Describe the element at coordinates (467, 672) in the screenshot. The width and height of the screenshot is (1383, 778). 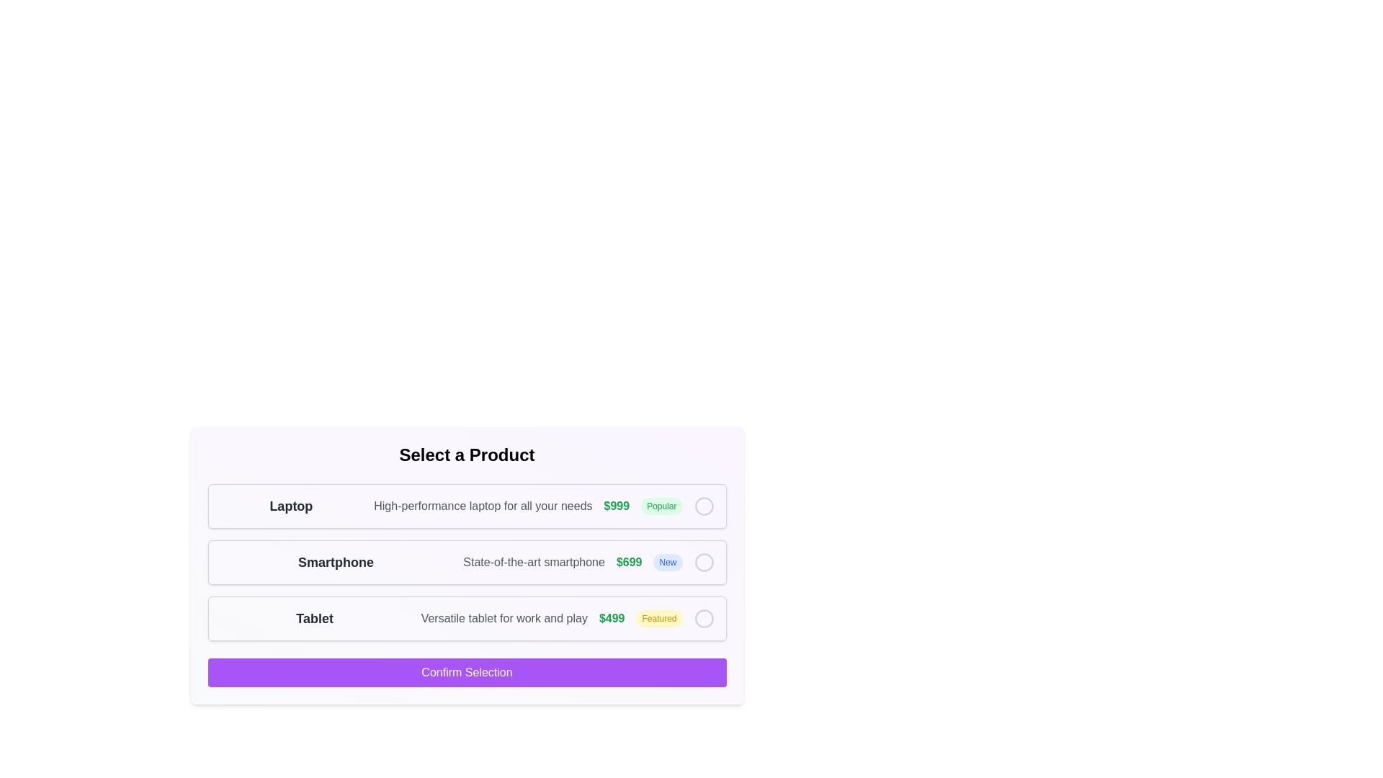
I see `the 'Confirm Selection' button located at the bottom of the 'Select a Product' section` at that location.